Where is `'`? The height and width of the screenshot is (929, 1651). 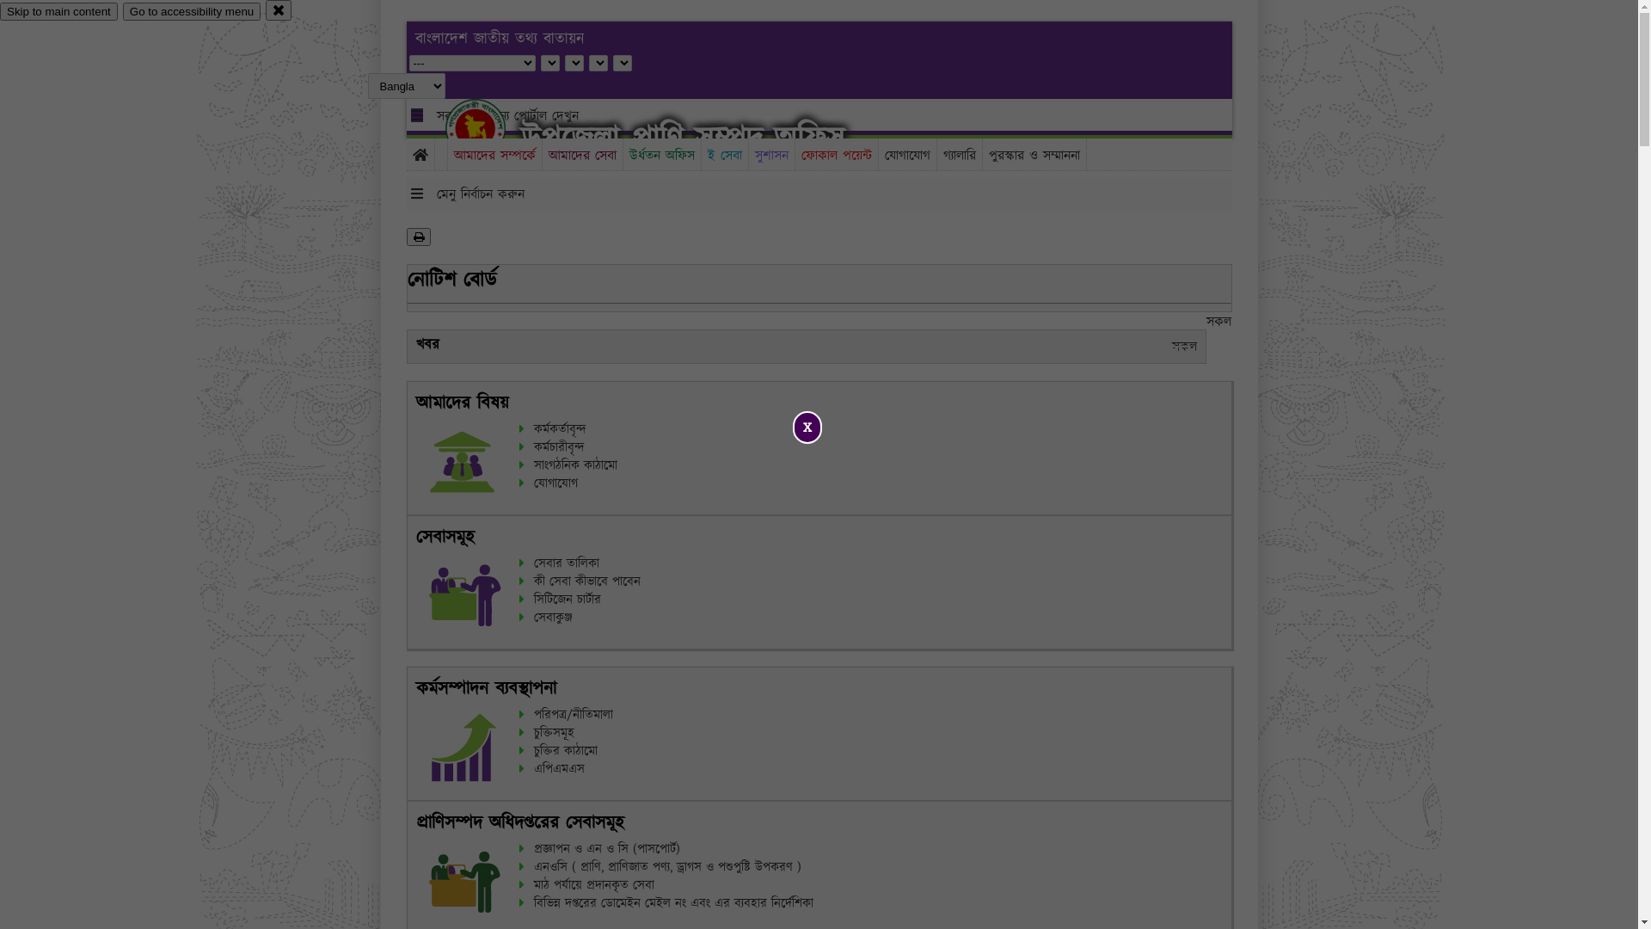
' is located at coordinates (489, 127).